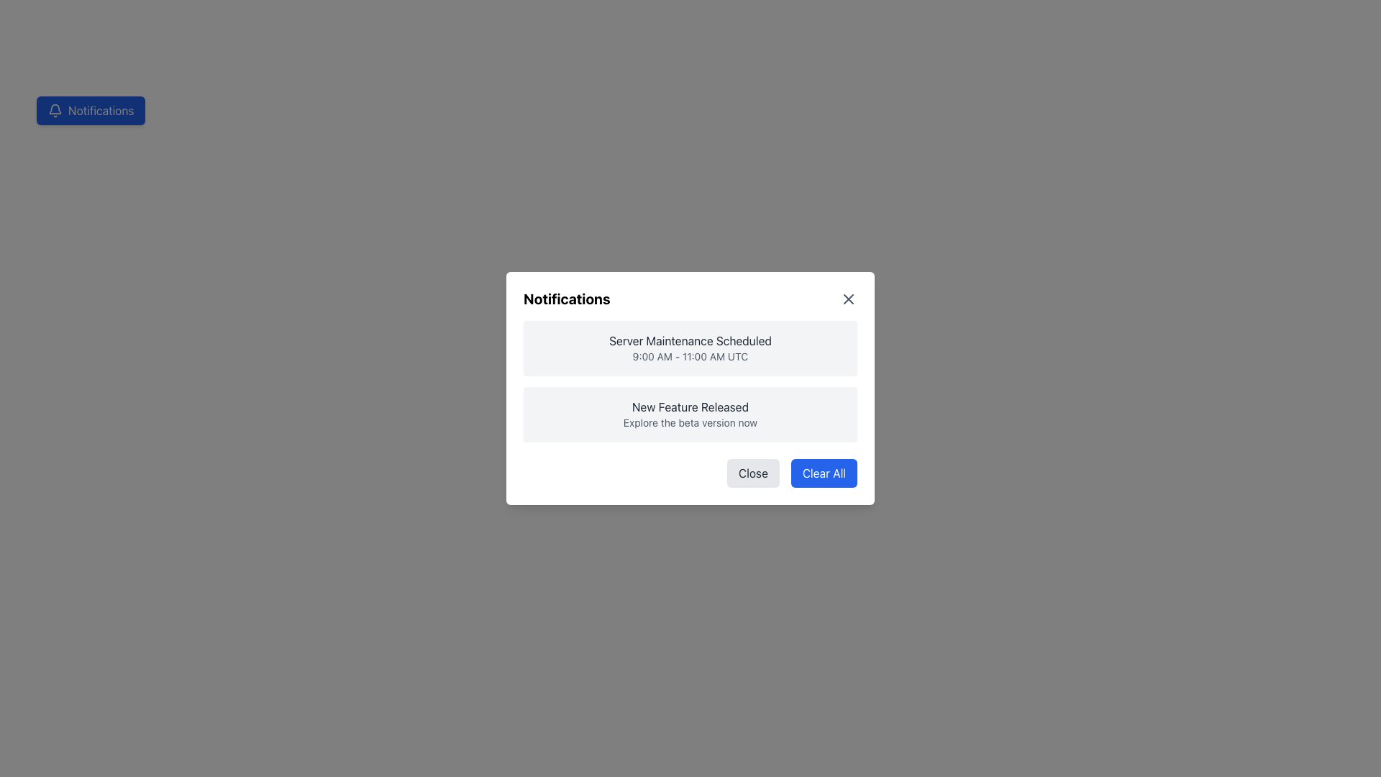  I want to click on the notification icon located in the upper-left corner of the interface, which precedes the text 'Notifications', so click(55, 110).